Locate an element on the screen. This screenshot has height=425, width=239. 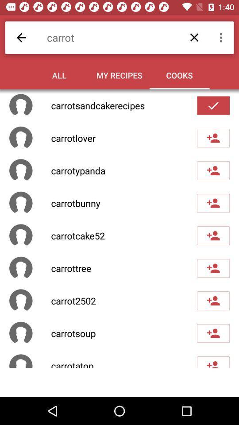
the item above all icon is located at coordinates (123, 37).